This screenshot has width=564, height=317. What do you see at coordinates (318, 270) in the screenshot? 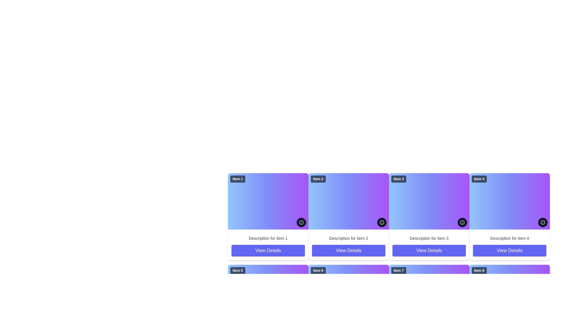
I see `text from the small label styled as a rounded rectangle with a dark gray background displaying 'Item 6' located in the top-left corner of the card in the second row, second column of the grid` at bounding box center [318, 270].